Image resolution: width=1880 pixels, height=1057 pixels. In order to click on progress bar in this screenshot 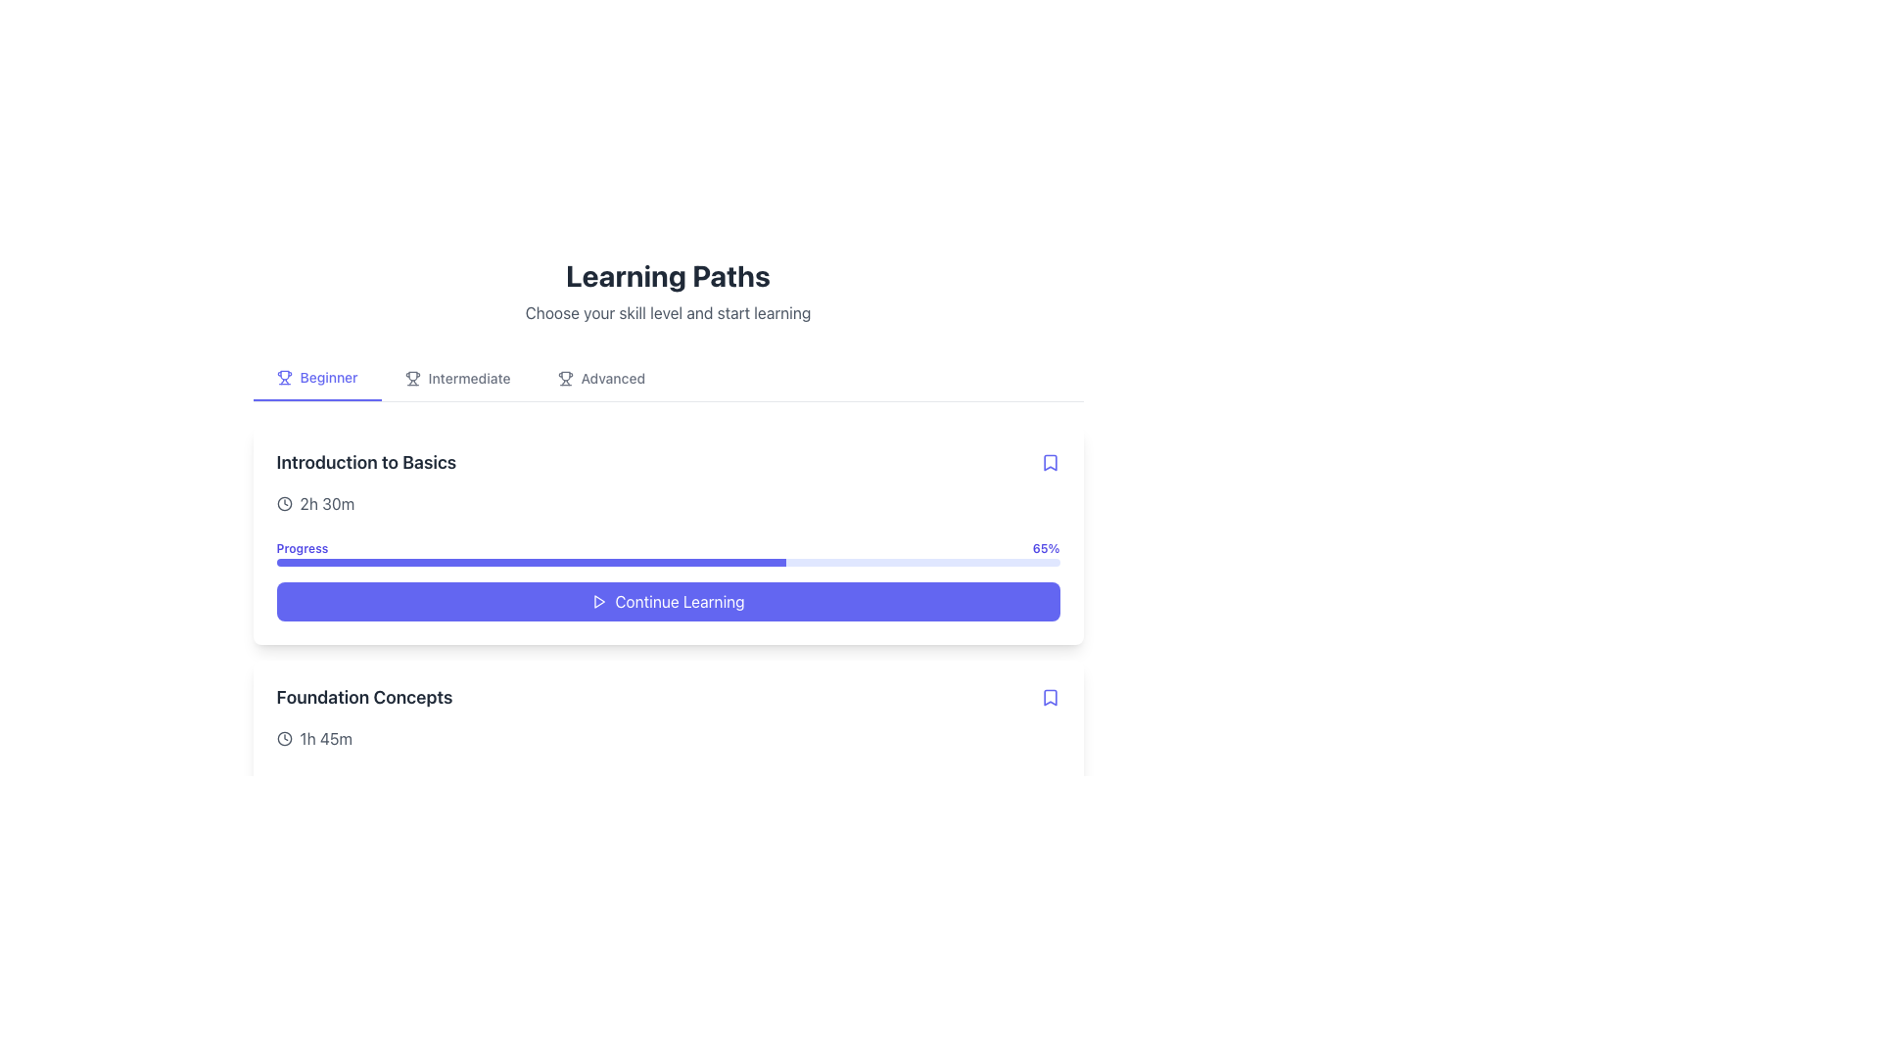, I will do `click(691, 562)`.